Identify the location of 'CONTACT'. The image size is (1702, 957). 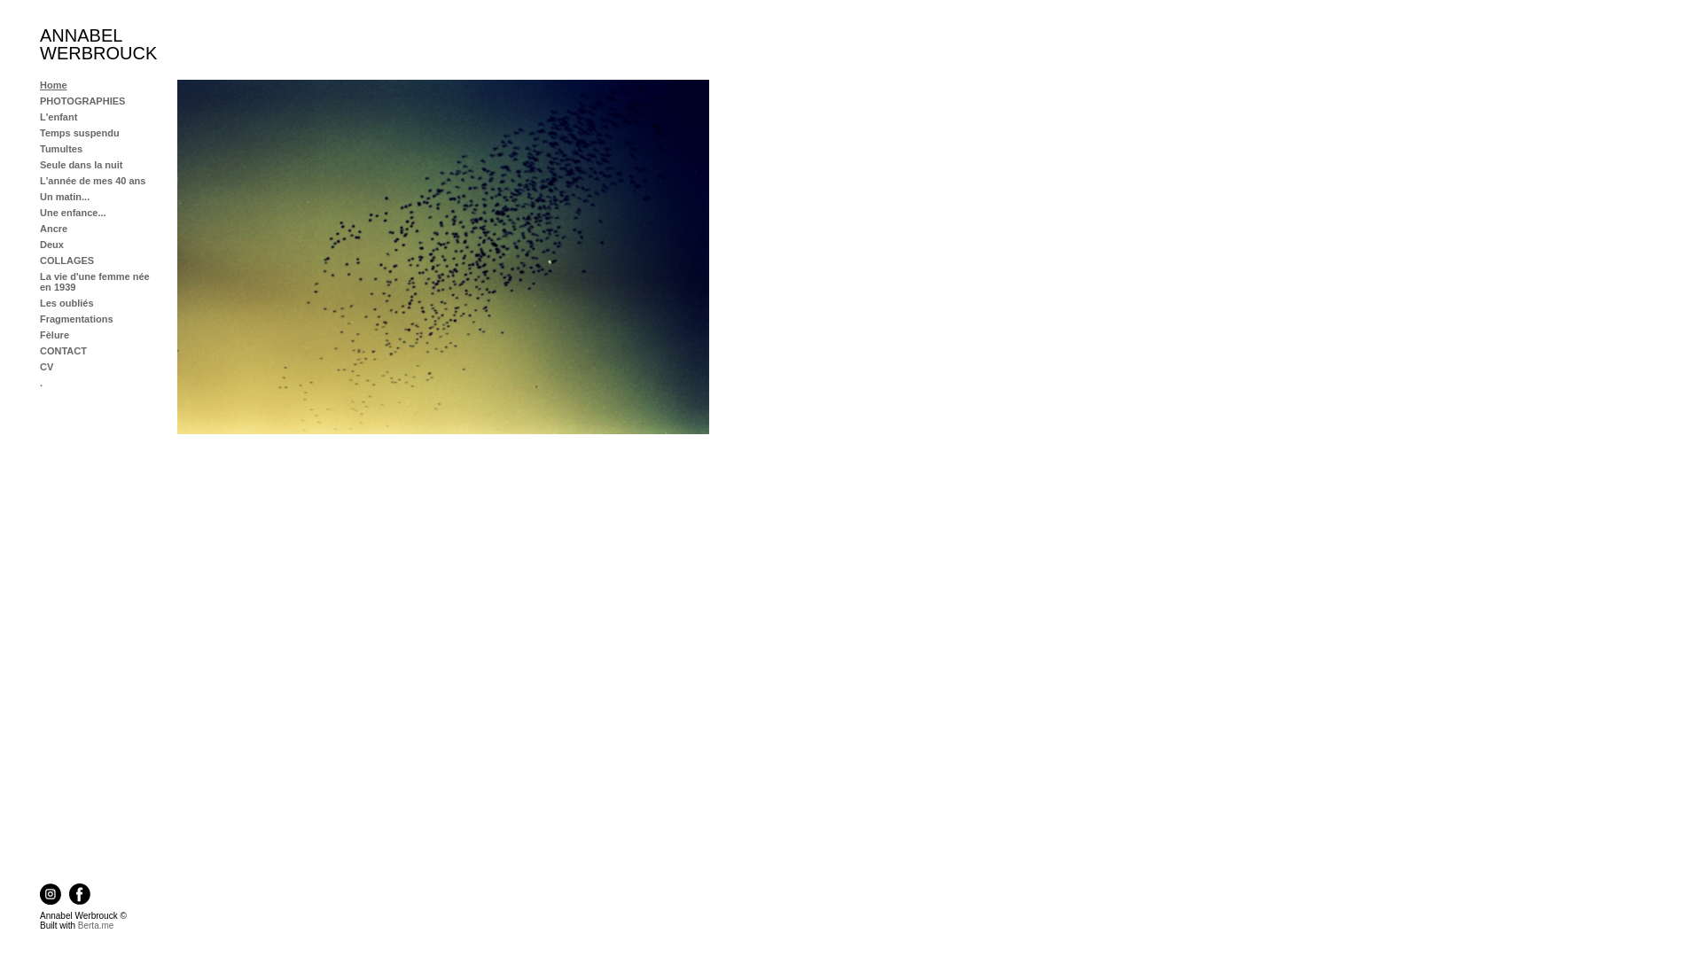
(63, 351).